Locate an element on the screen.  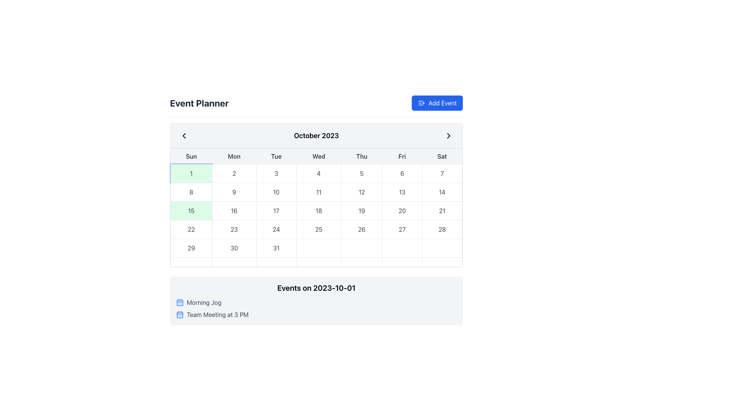
the Date Cell containing the text '24' in the calendar grid under Tuesday is located at coordinates (276, 229).